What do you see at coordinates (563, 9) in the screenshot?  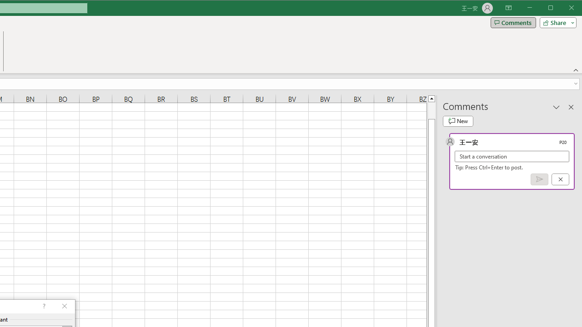 I see `'Maximize'` at bounding box center [563, 9].